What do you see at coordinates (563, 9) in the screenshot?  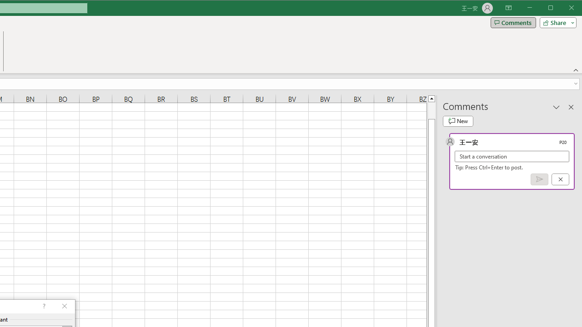 I see `'Maximize'` at bounding box center [563, 9].